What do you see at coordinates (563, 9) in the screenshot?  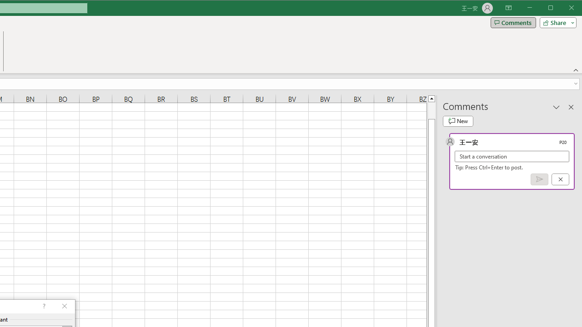 I see `'Maximize'` at bounding box center [563, 9].